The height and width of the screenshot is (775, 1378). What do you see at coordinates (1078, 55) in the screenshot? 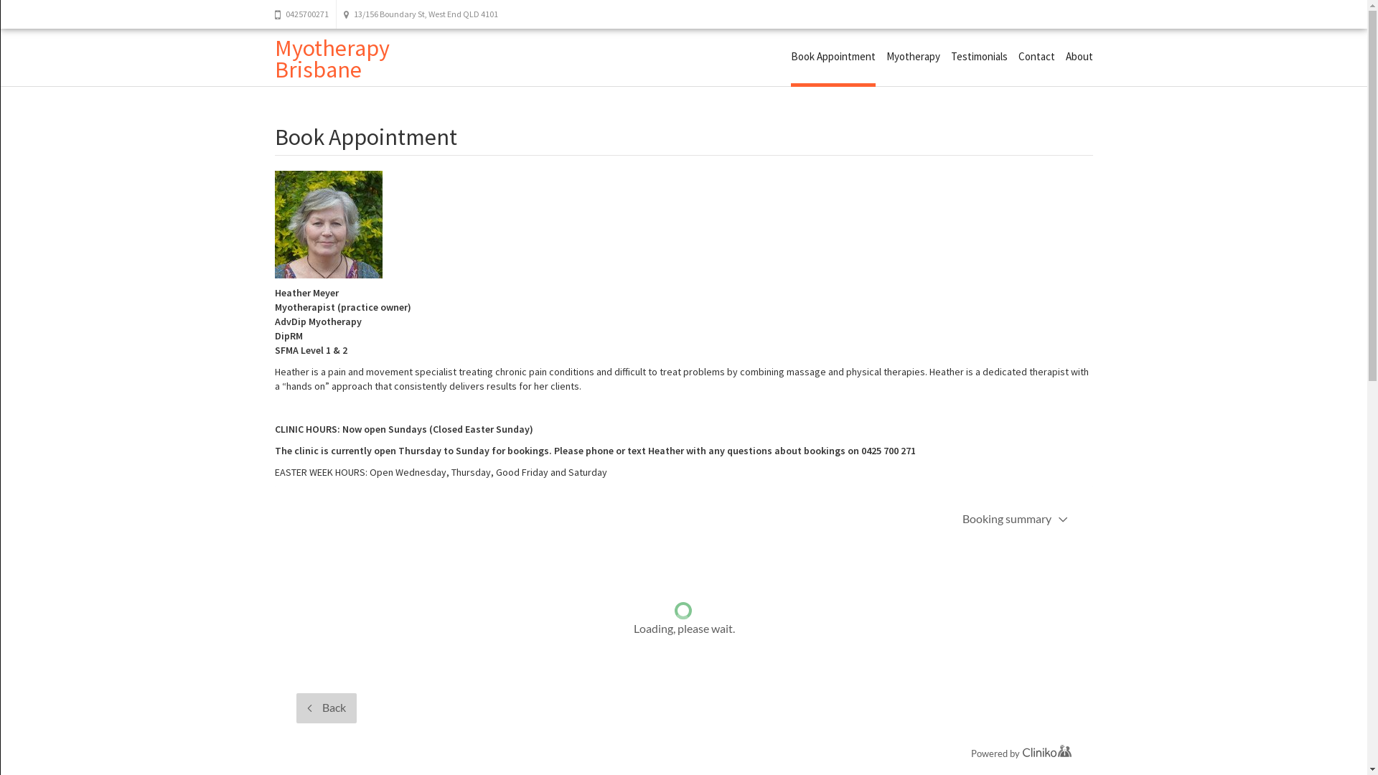
I see `'About'` at bounding box center [1078, 55].